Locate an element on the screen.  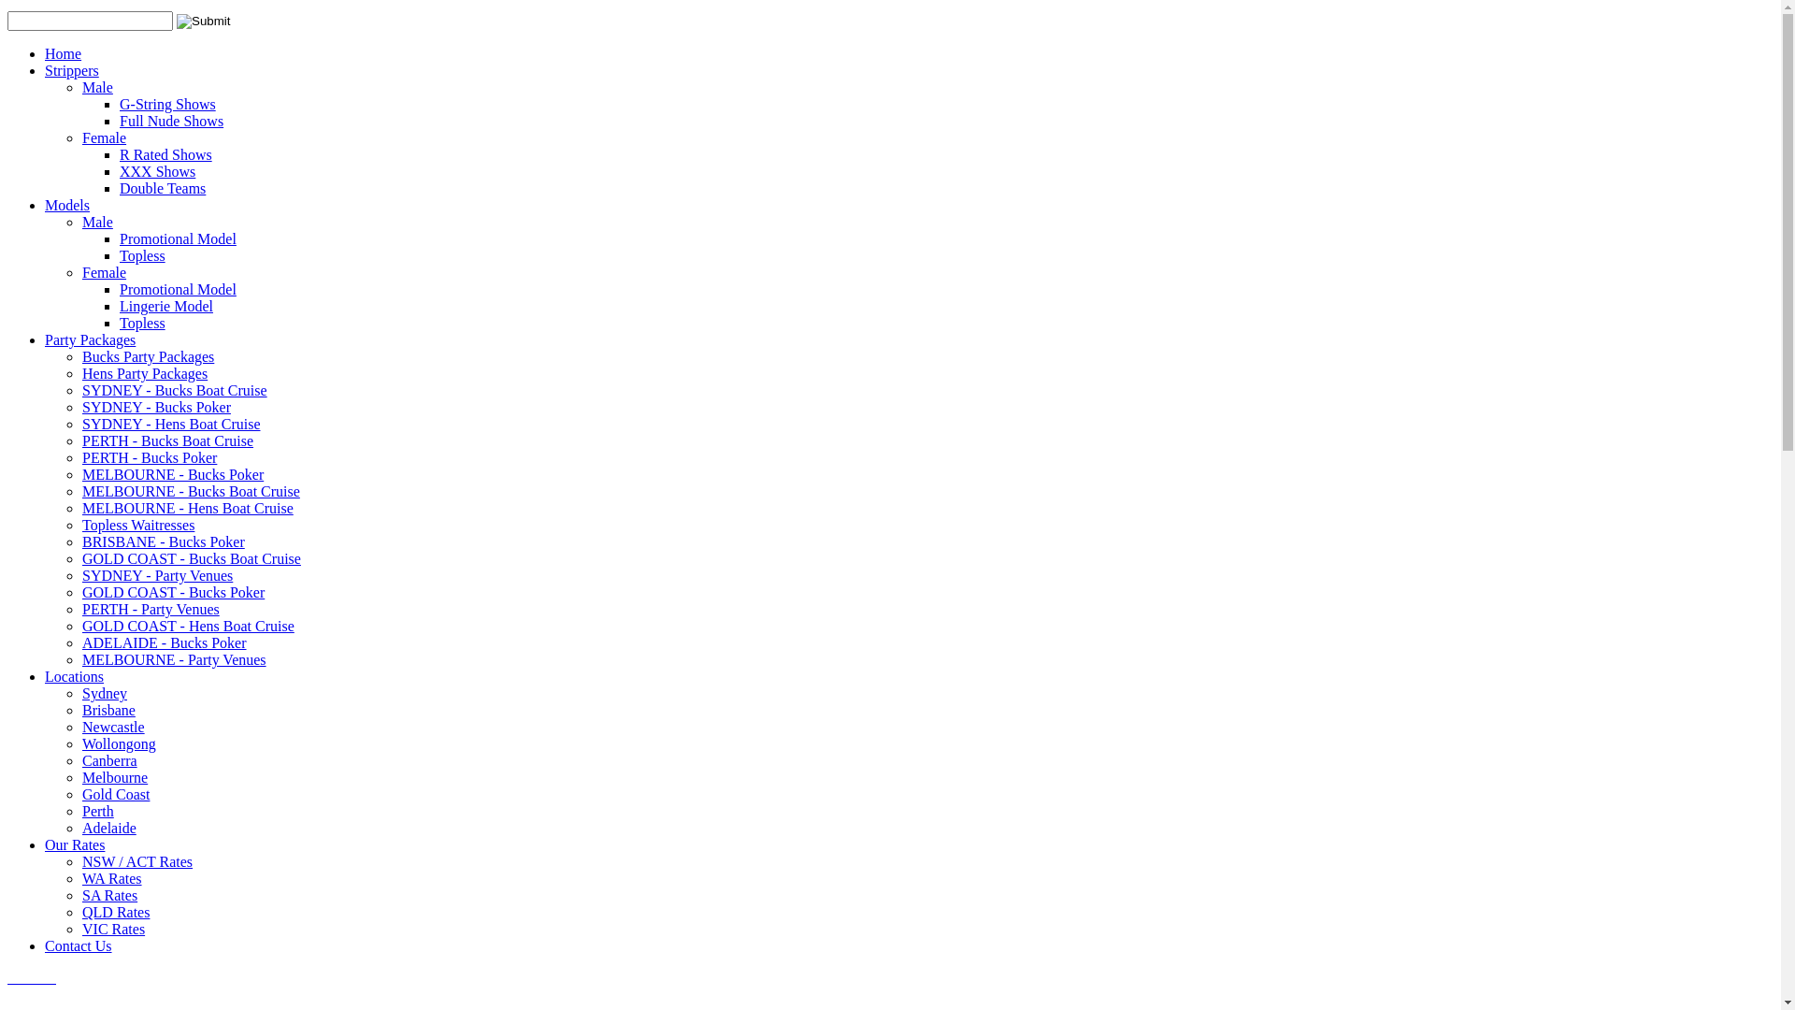
'Canberra' is located at coordinates (108, 760).